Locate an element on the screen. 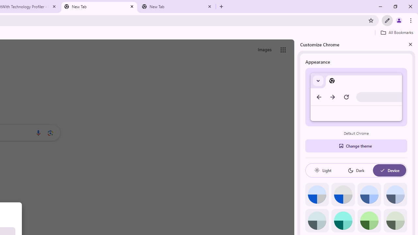  'Green' is located at coordinates (369, 220).